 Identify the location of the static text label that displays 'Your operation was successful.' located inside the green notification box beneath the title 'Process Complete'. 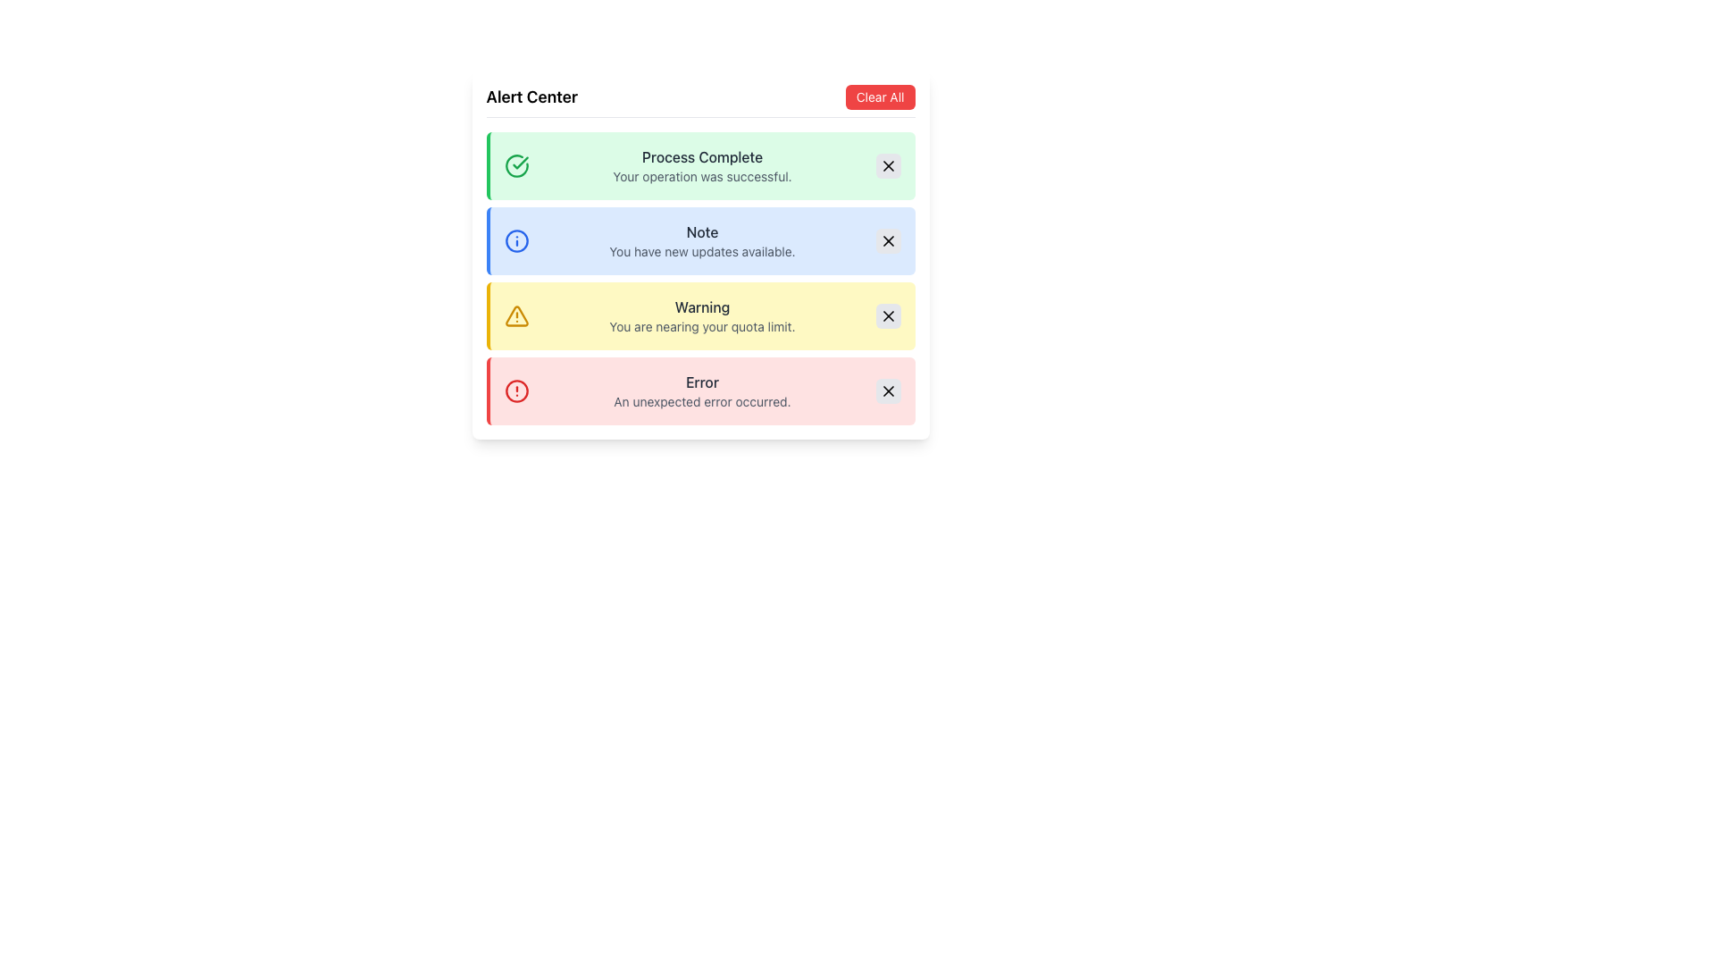
(701, 176).